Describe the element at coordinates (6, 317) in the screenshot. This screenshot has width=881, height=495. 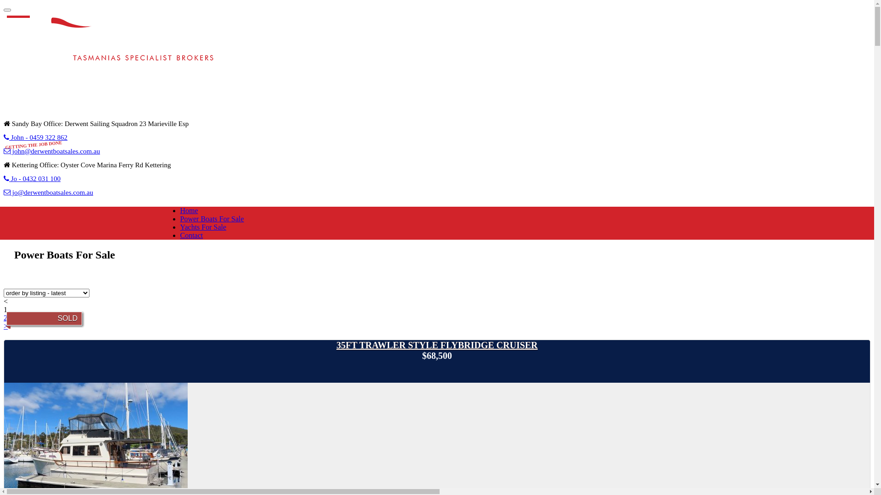
I see `'2'` at that location.